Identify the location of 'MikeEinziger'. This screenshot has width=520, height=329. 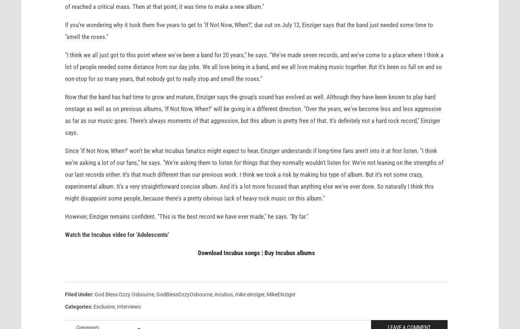
(281, 306).